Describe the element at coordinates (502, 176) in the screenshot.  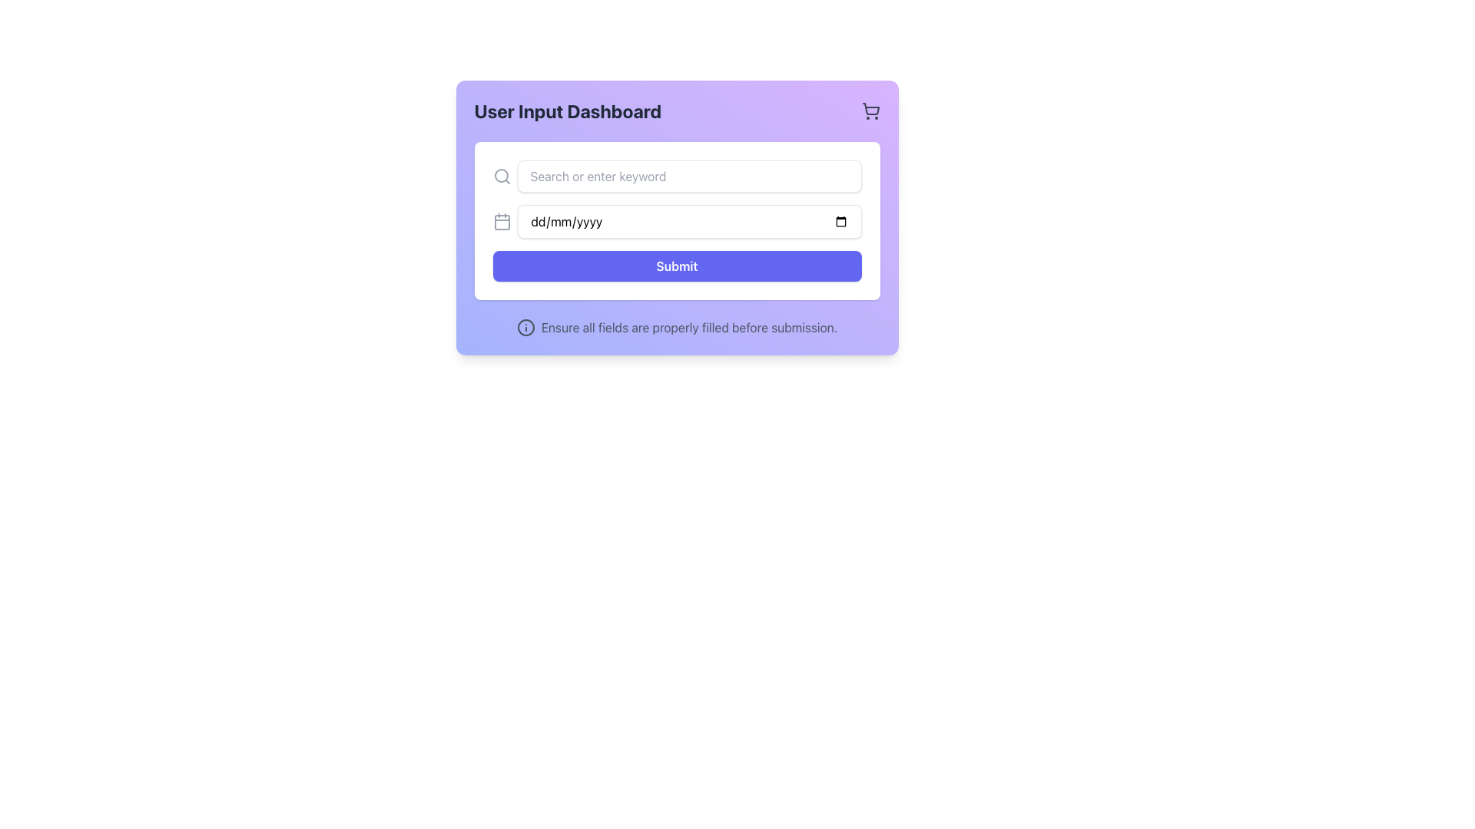
I see `the search icon located to the left of the text input field with the placeholder 'Search or enter keyword.'` at that location.